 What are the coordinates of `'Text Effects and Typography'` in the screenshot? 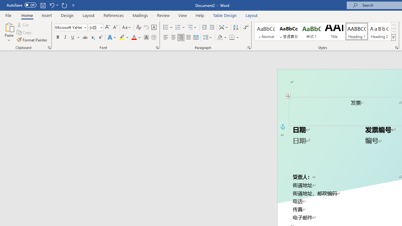 It's located at (112, 37).